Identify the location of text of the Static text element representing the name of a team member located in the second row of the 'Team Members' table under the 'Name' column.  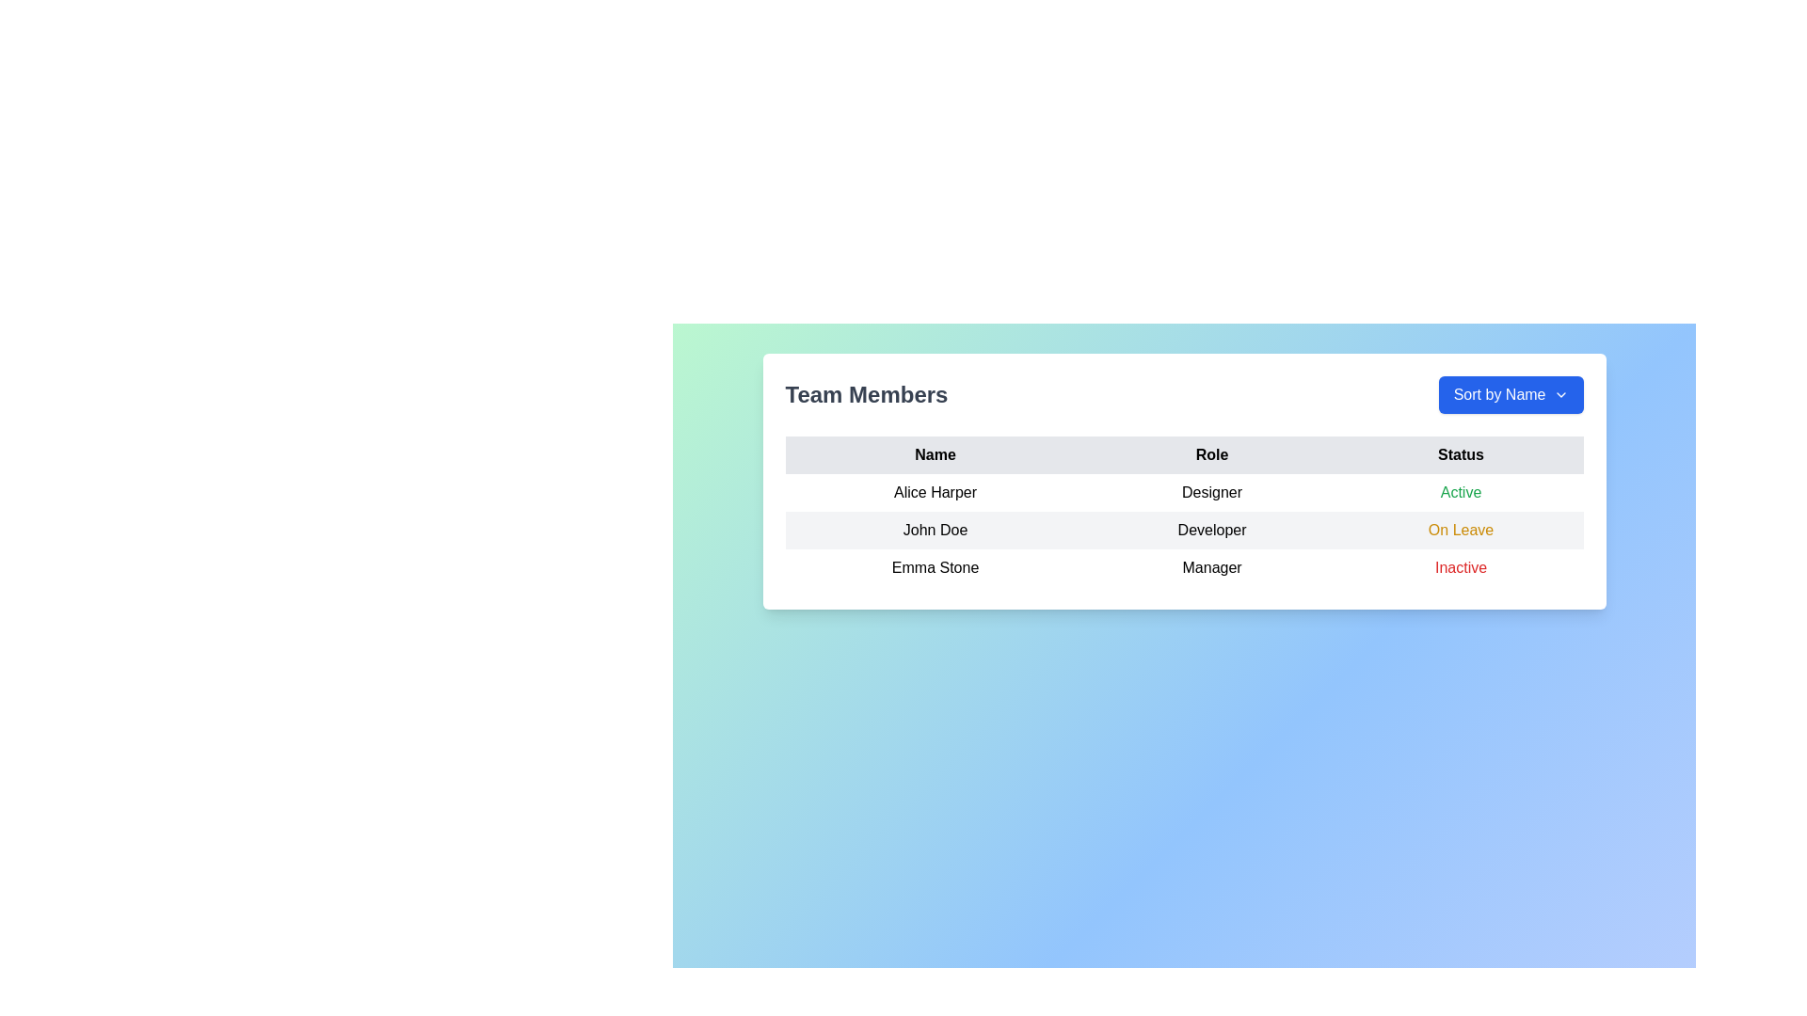
(935, 530).